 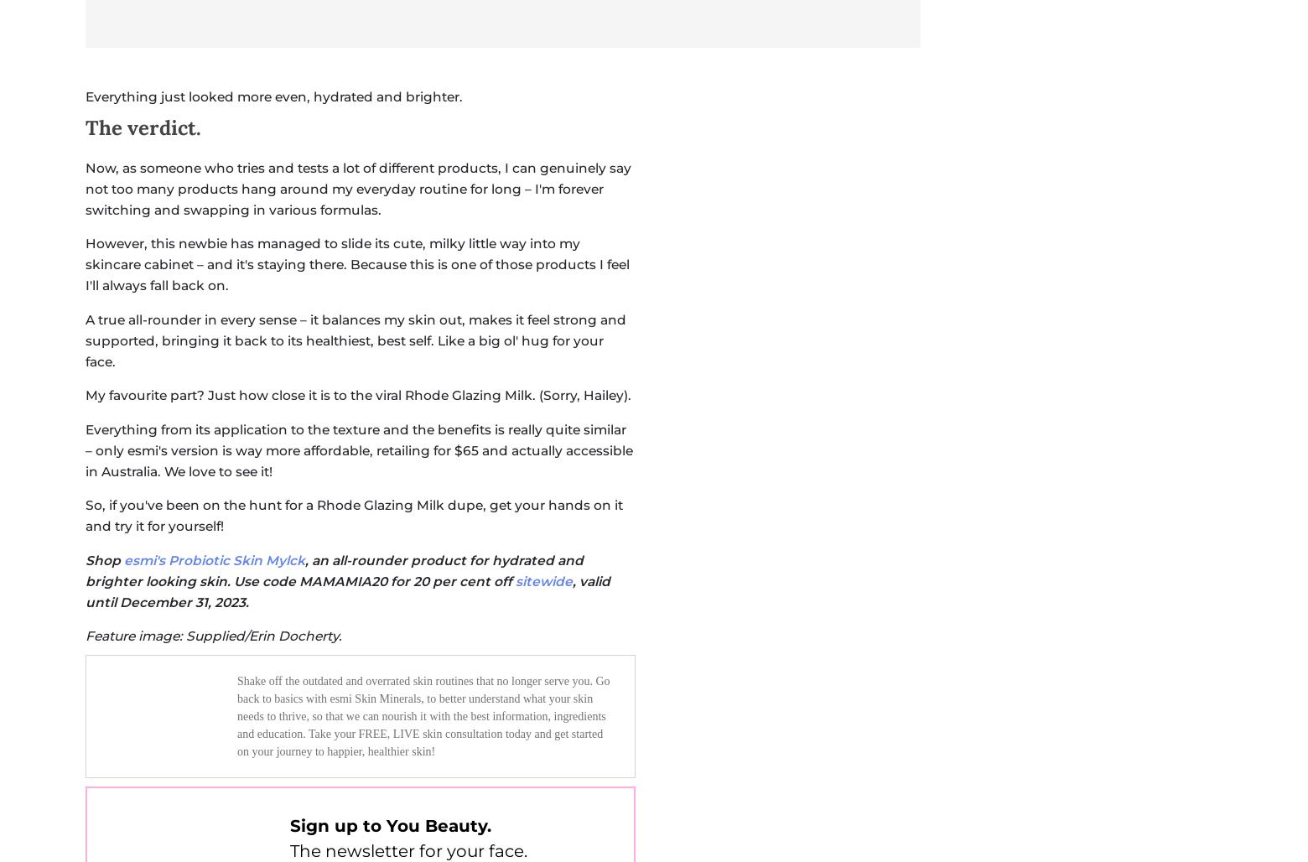 What do you see at coordinates (690, 343) in the screenshot?
I see `'Teens'` at bounding box center [690, 343].